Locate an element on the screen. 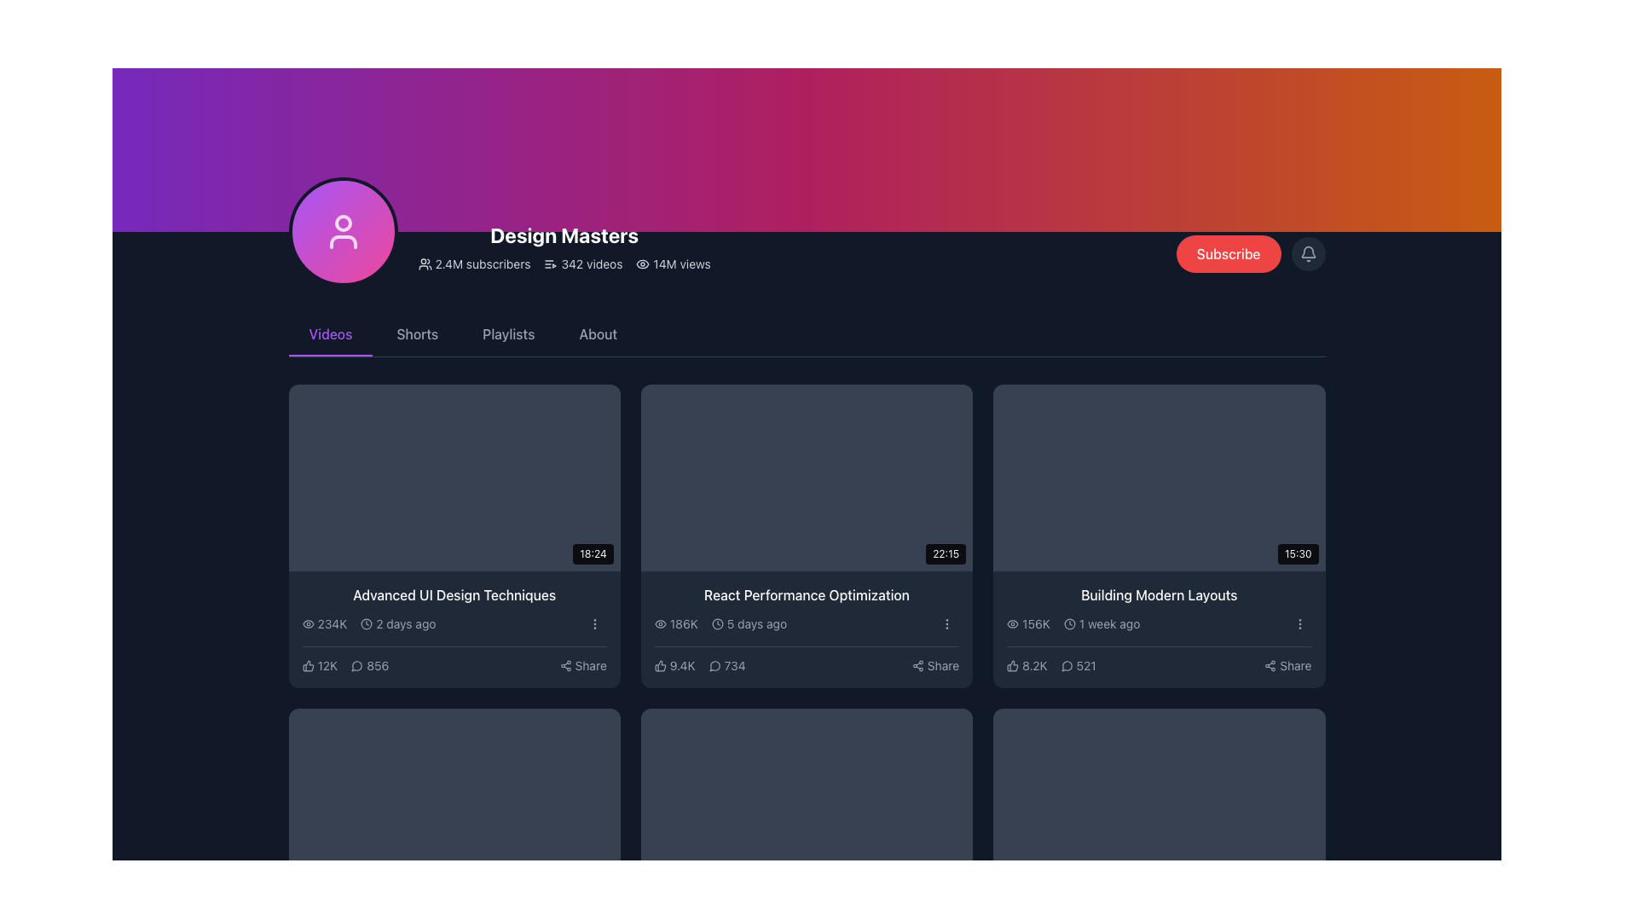 This screenshot has height=921, width=1637. the Vertical ellipsis menu (Three-dot icon) located in the bottom right section of the card for the video titled 'React Performance Optimization' is located at coordinates (946, 624).